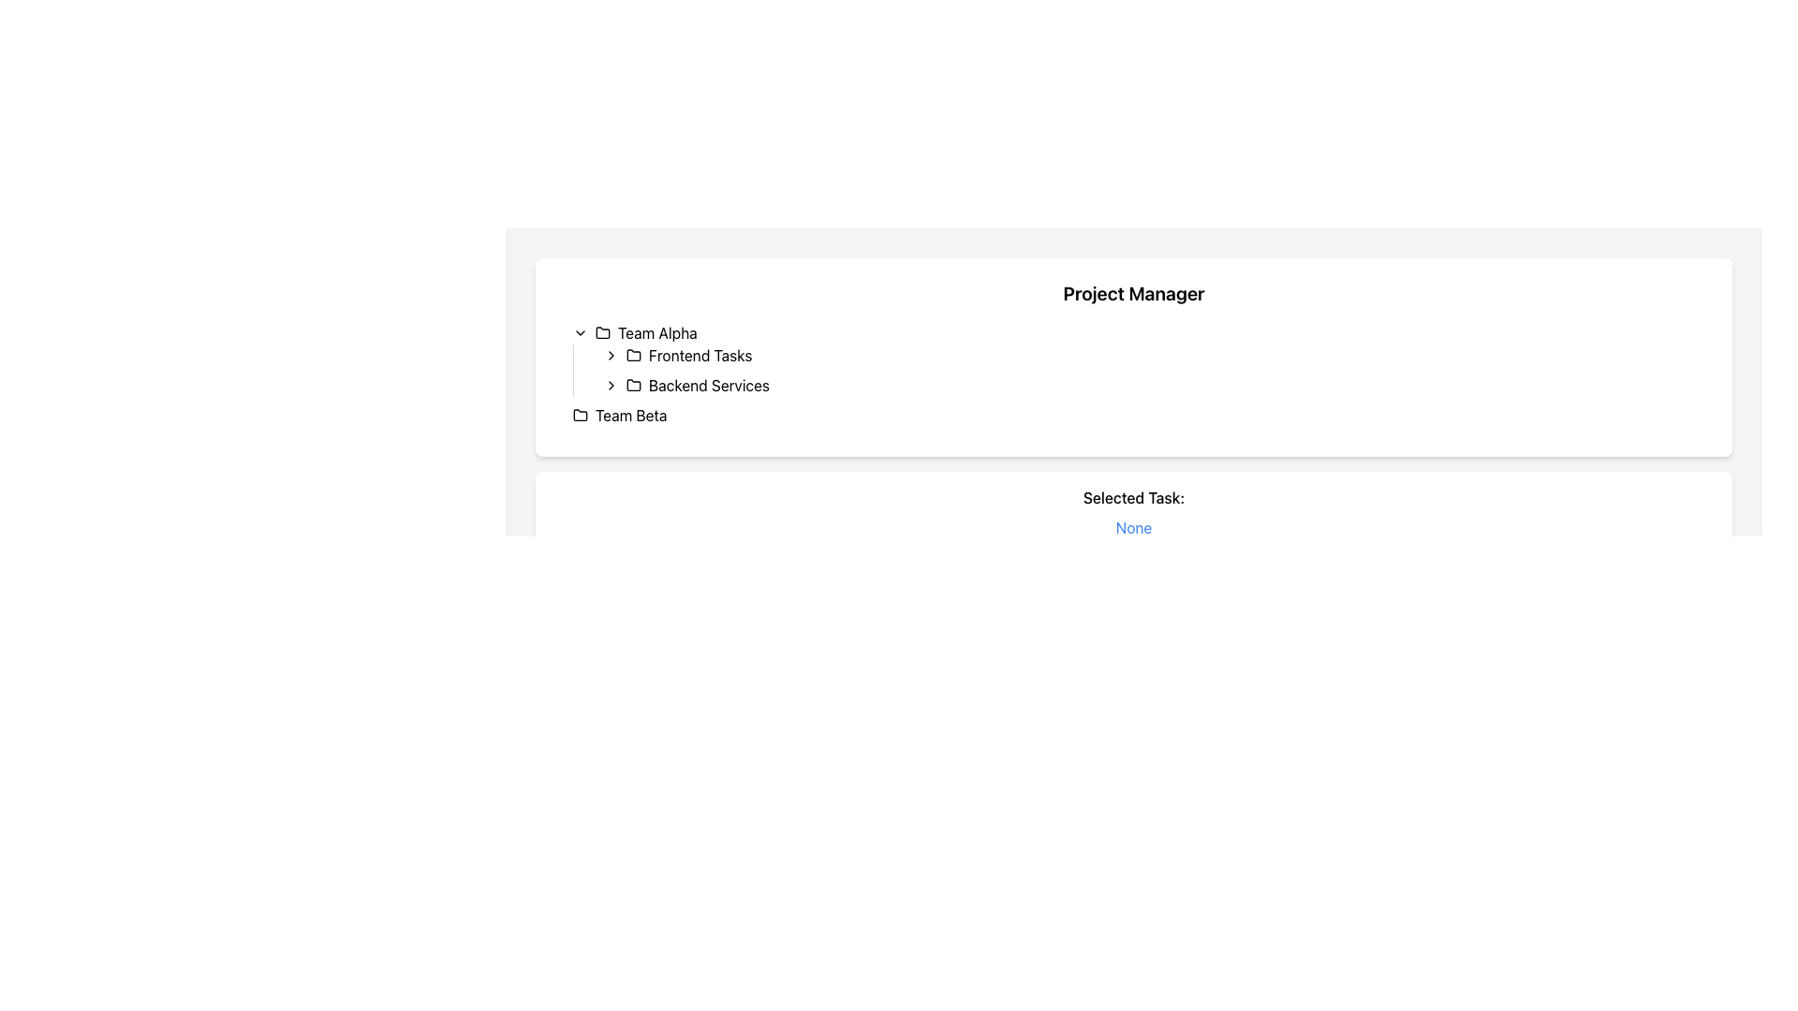 This screenshot has width=1798, height=1011. Describe the element at coordinates (579, 414) in the screenshot. I see `the Icon Graphic that represents the body of a folder icon adjacent to the label 'Team Beta'` at that location.